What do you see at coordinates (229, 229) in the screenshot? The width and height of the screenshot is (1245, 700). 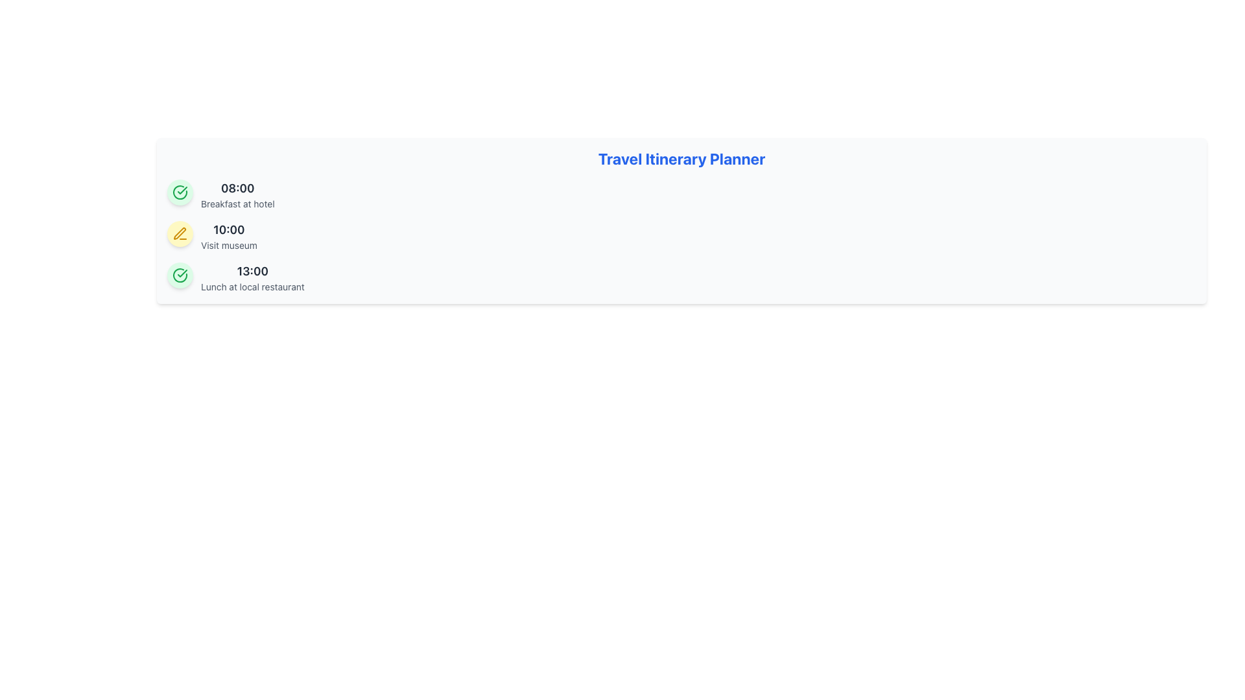 I see `the time indicator displaying '10:00', which is the second time indicator in the interface, located centrally above the sibling text 'Visit museum'` at bounding box center [229, 229].